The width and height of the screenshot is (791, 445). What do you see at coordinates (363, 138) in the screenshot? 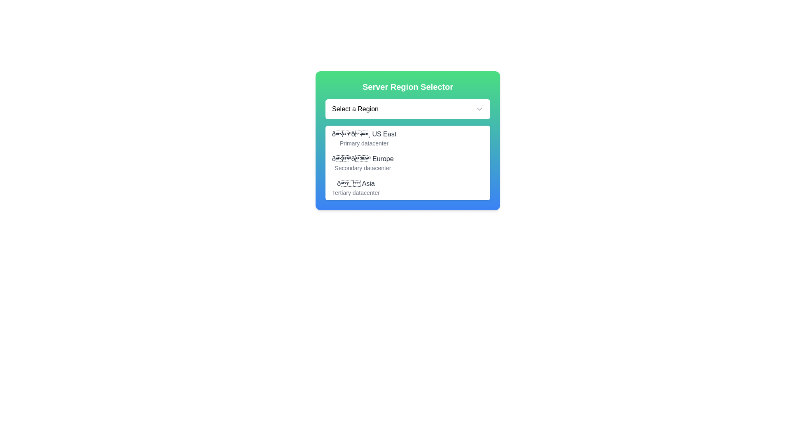
I see `the 'US East' option in the dropdown menu` at bounding box center [363, 138].